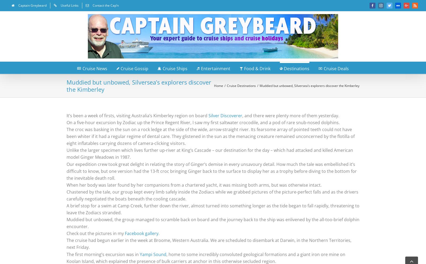 The width and height of the screenshot is (426, 264). What do you see at coordinates (203, 122) in the screenshot?
I see `'On a five-hour excursion by Zodiac up the Prince Regent River, I saw my first saltwater crocodile, and a pod of rare snub-nosed dolphins.'` at bounding box center [203, 122].